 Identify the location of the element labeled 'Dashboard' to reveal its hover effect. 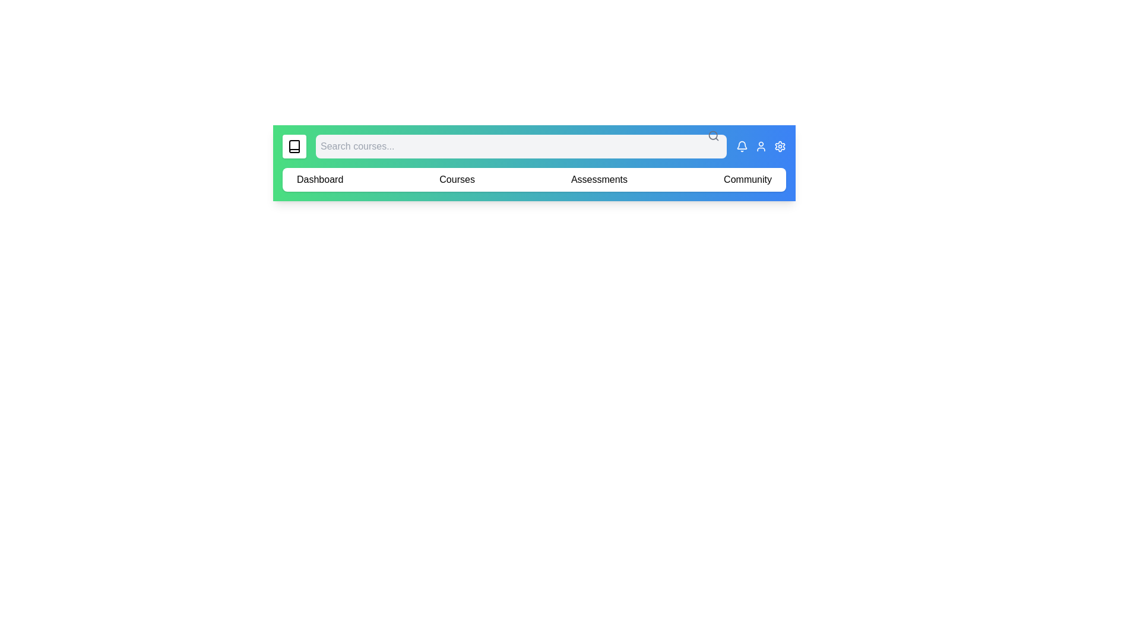
(319, 180).